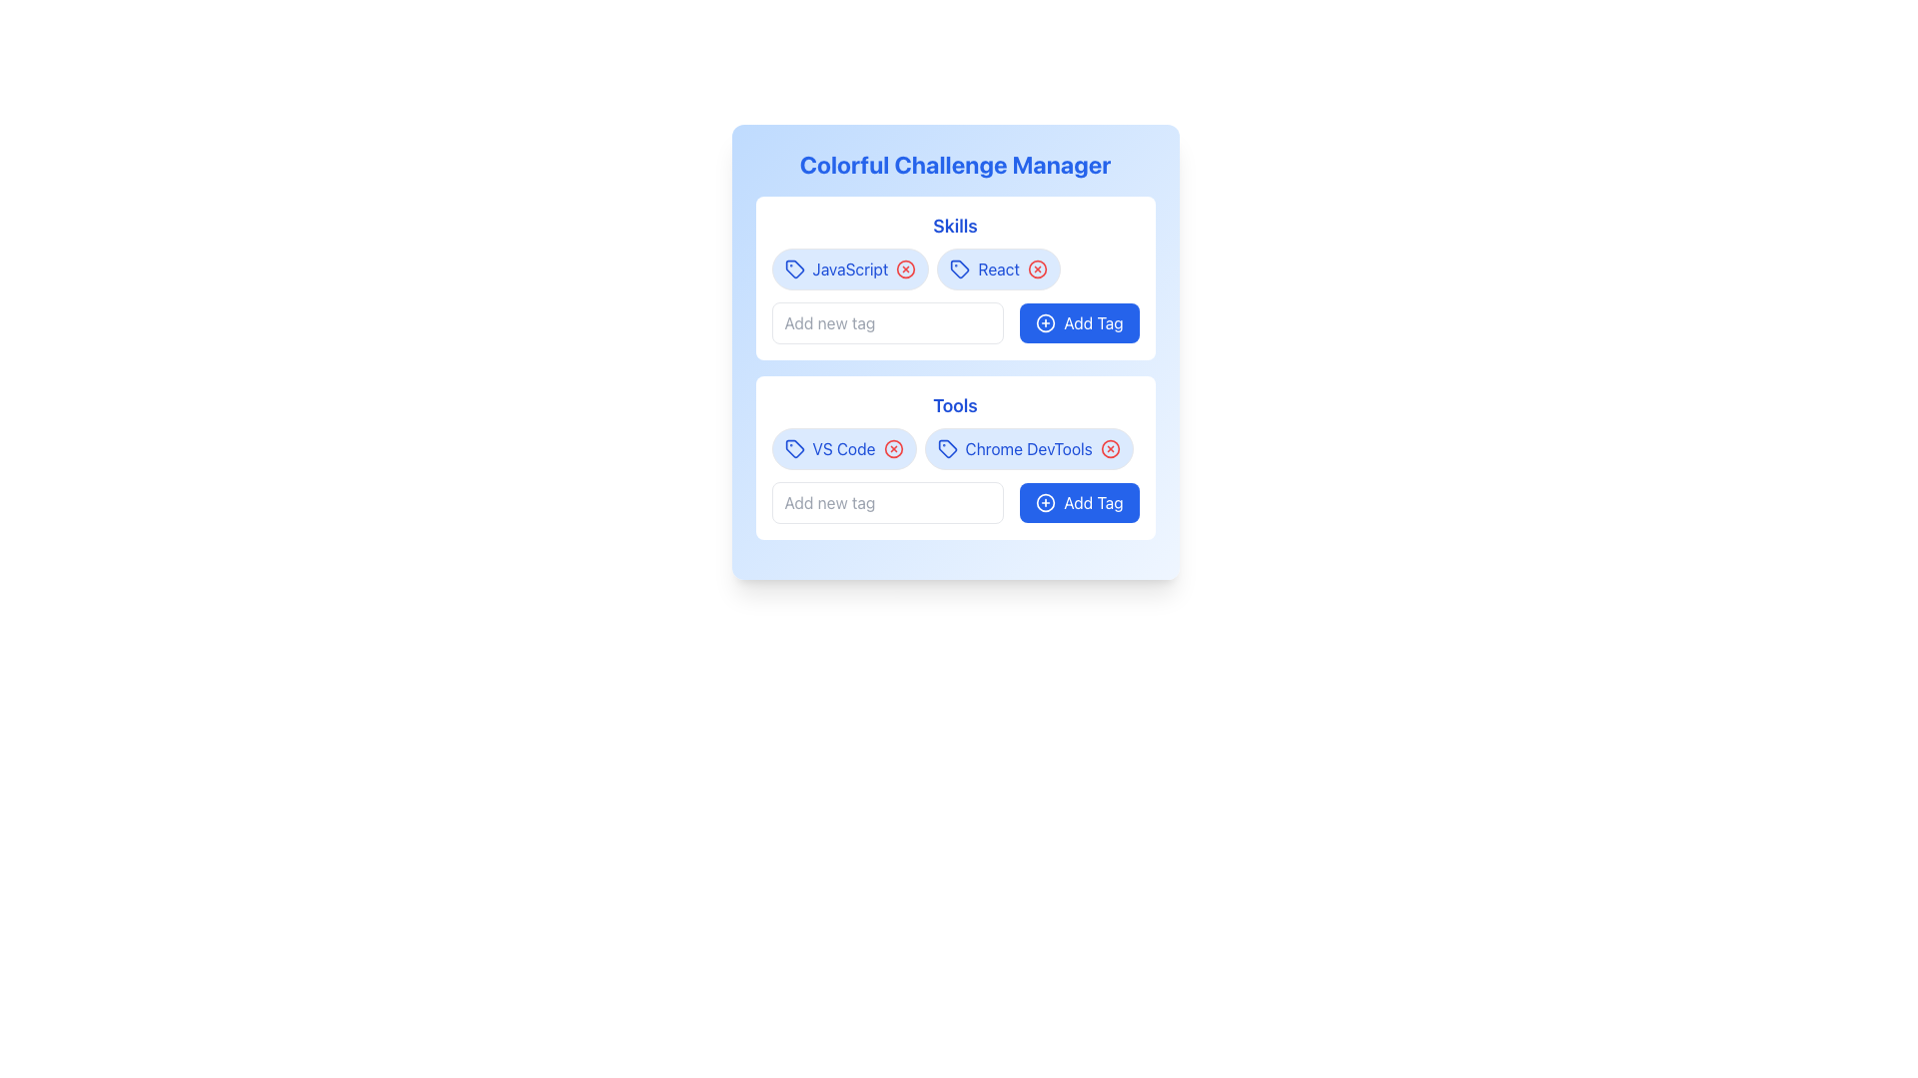 The width and height of the screenshot is (1918, 1078). Describe the element at coordinates (905, 269) in the screenshot. I see `the circular icon with an 'X' mark, which serves as a potential 'remove' button` at that location.